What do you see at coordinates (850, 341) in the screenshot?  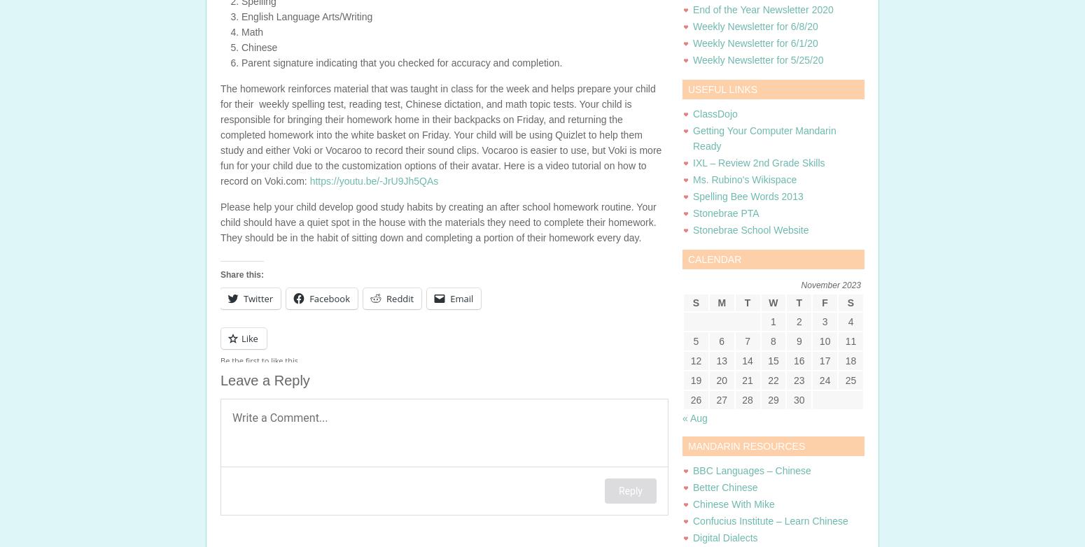 I see `'11'` at bounding box center [850, 341].